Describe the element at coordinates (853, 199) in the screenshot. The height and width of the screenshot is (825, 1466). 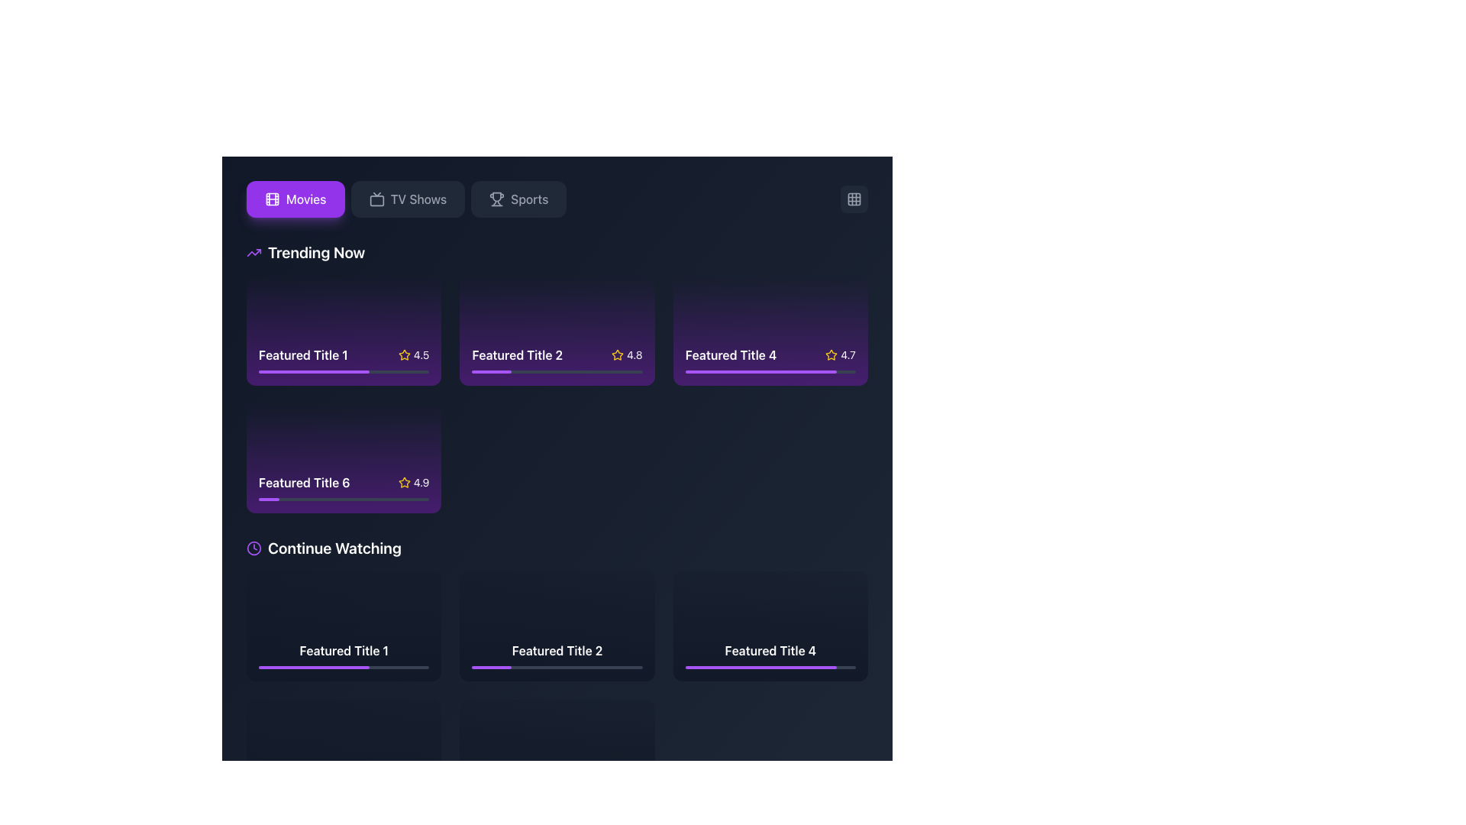
I see `the grid icon component located in the upper-right corner of the user interface, which serves as a compact menu or layout selector` at that location.